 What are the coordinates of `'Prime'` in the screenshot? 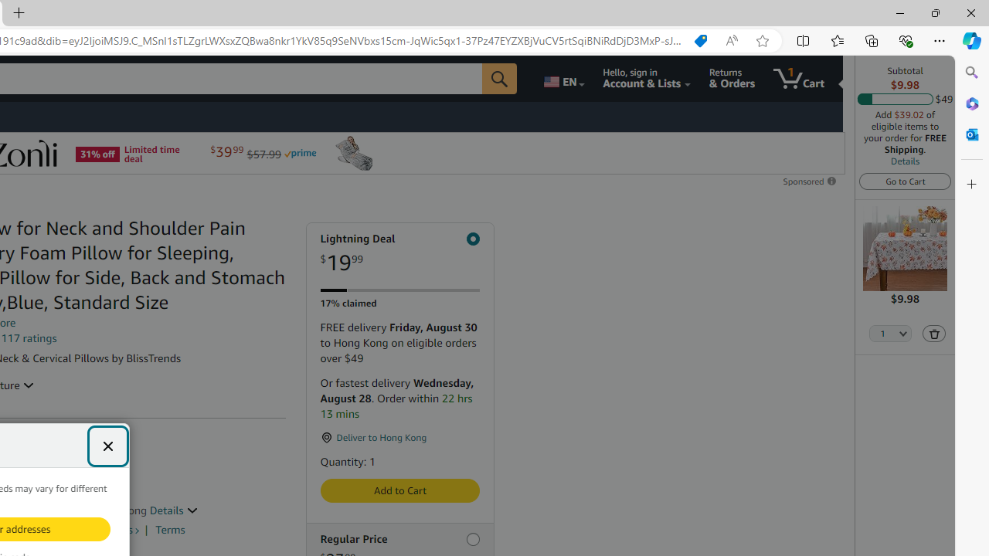 It's located at (300, 154).